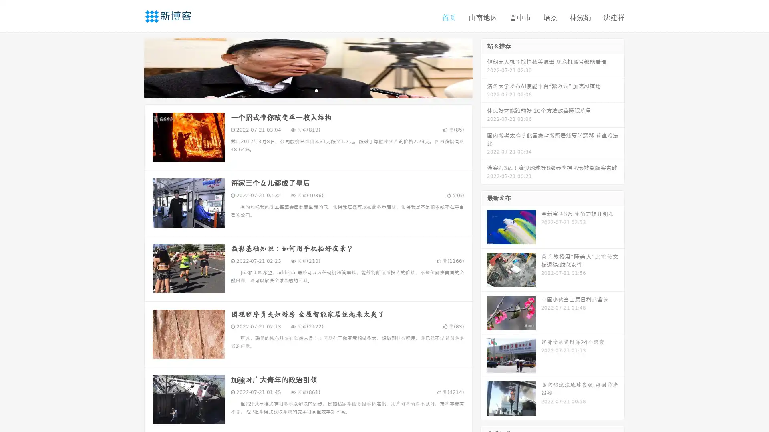  I want to click on Go to slide 2, so click(308, 90).